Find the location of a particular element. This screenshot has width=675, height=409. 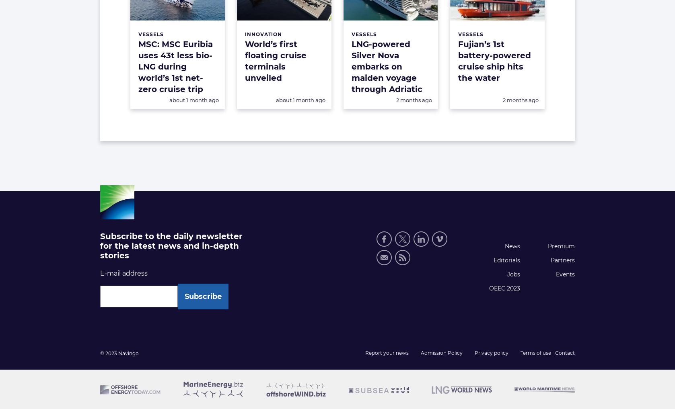

'© 2023 Navingo' is located at coordinates (119, 353).